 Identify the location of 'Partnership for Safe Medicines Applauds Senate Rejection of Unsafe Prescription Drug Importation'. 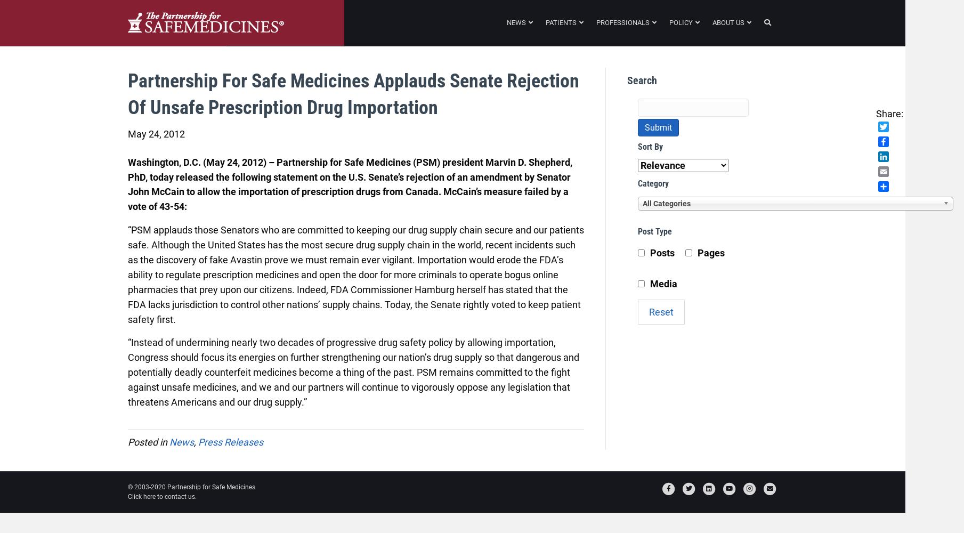
(353, 94).